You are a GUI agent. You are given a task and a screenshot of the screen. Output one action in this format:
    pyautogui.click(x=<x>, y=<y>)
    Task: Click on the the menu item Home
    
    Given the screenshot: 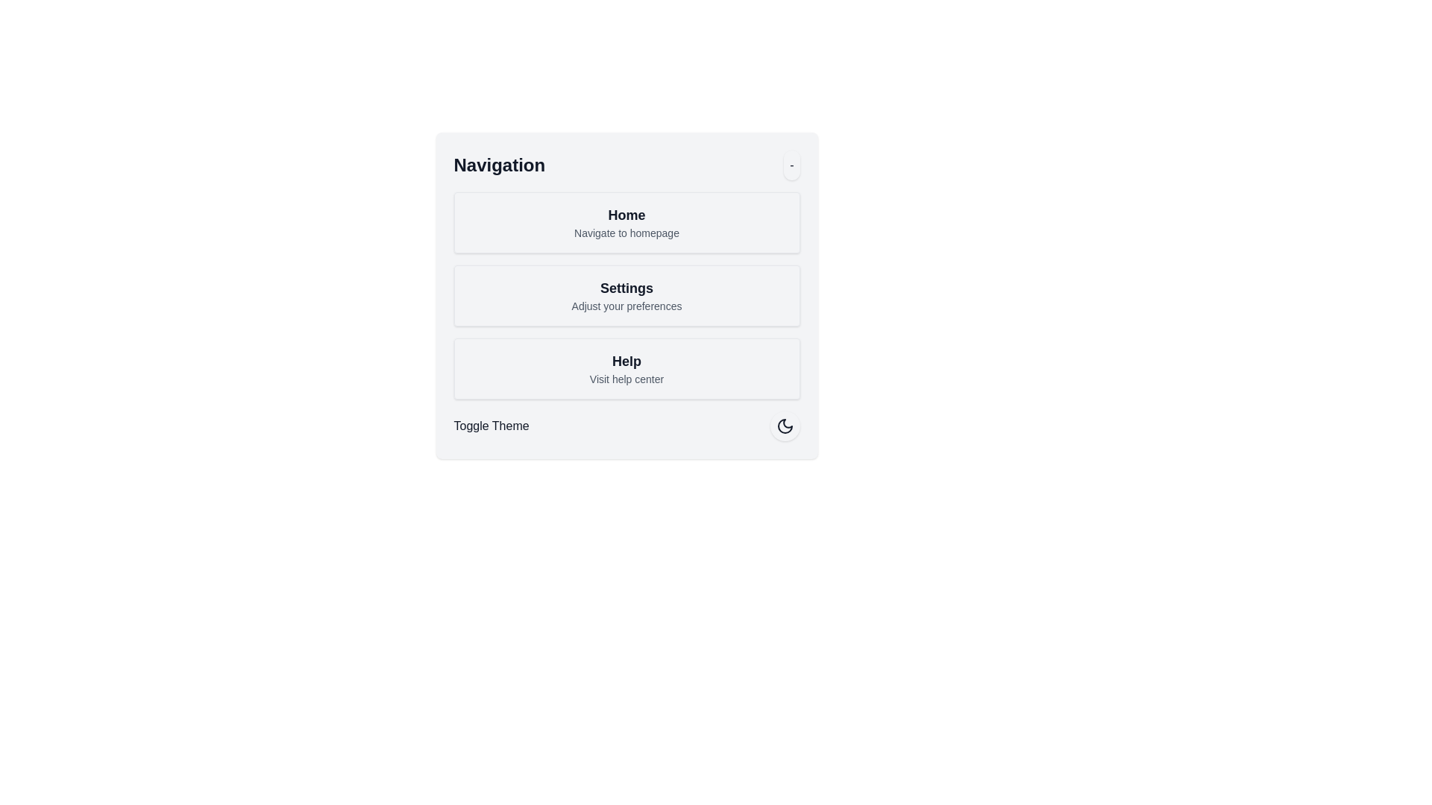 What is the action you would take?
    pyautogui.click(x=626, y=223)
    